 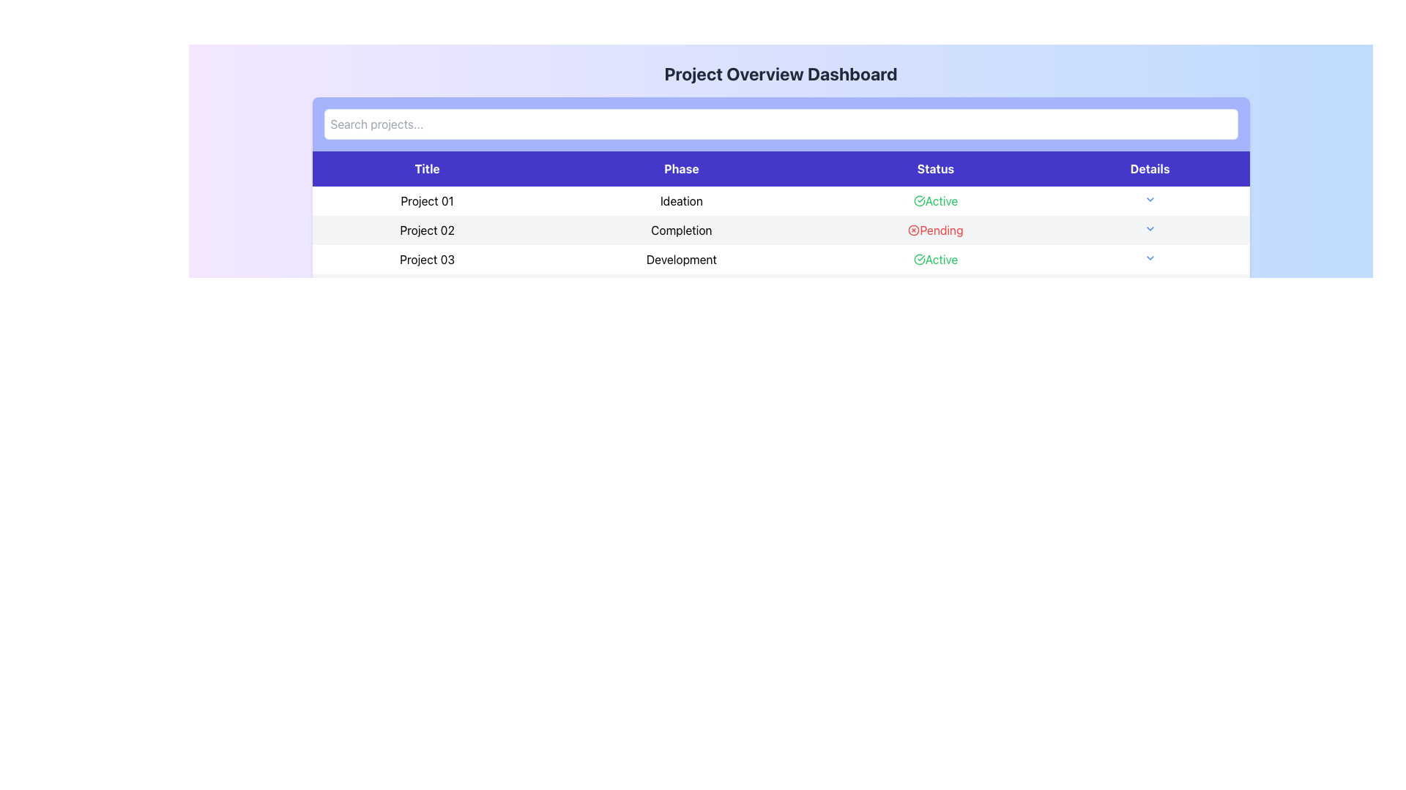 What do you see at coordinates (426, 230) in the screenshot?
I see `the static text label containing 'Project 02', which is located in the first column of the second row under the 'Title' column in a table-like structure` at bounding box center [426, 230].